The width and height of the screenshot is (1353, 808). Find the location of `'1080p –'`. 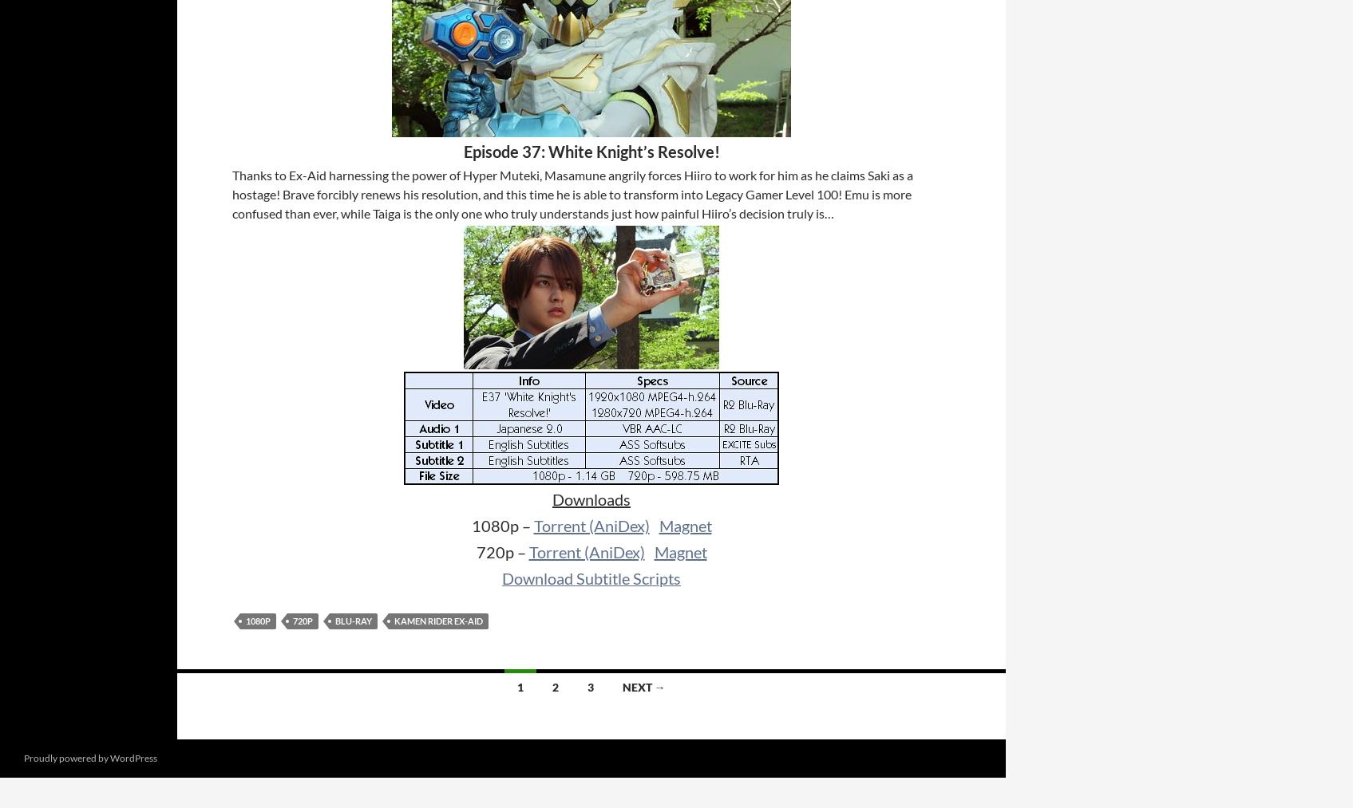

'1080p –' is located at coordinates (501, 524).